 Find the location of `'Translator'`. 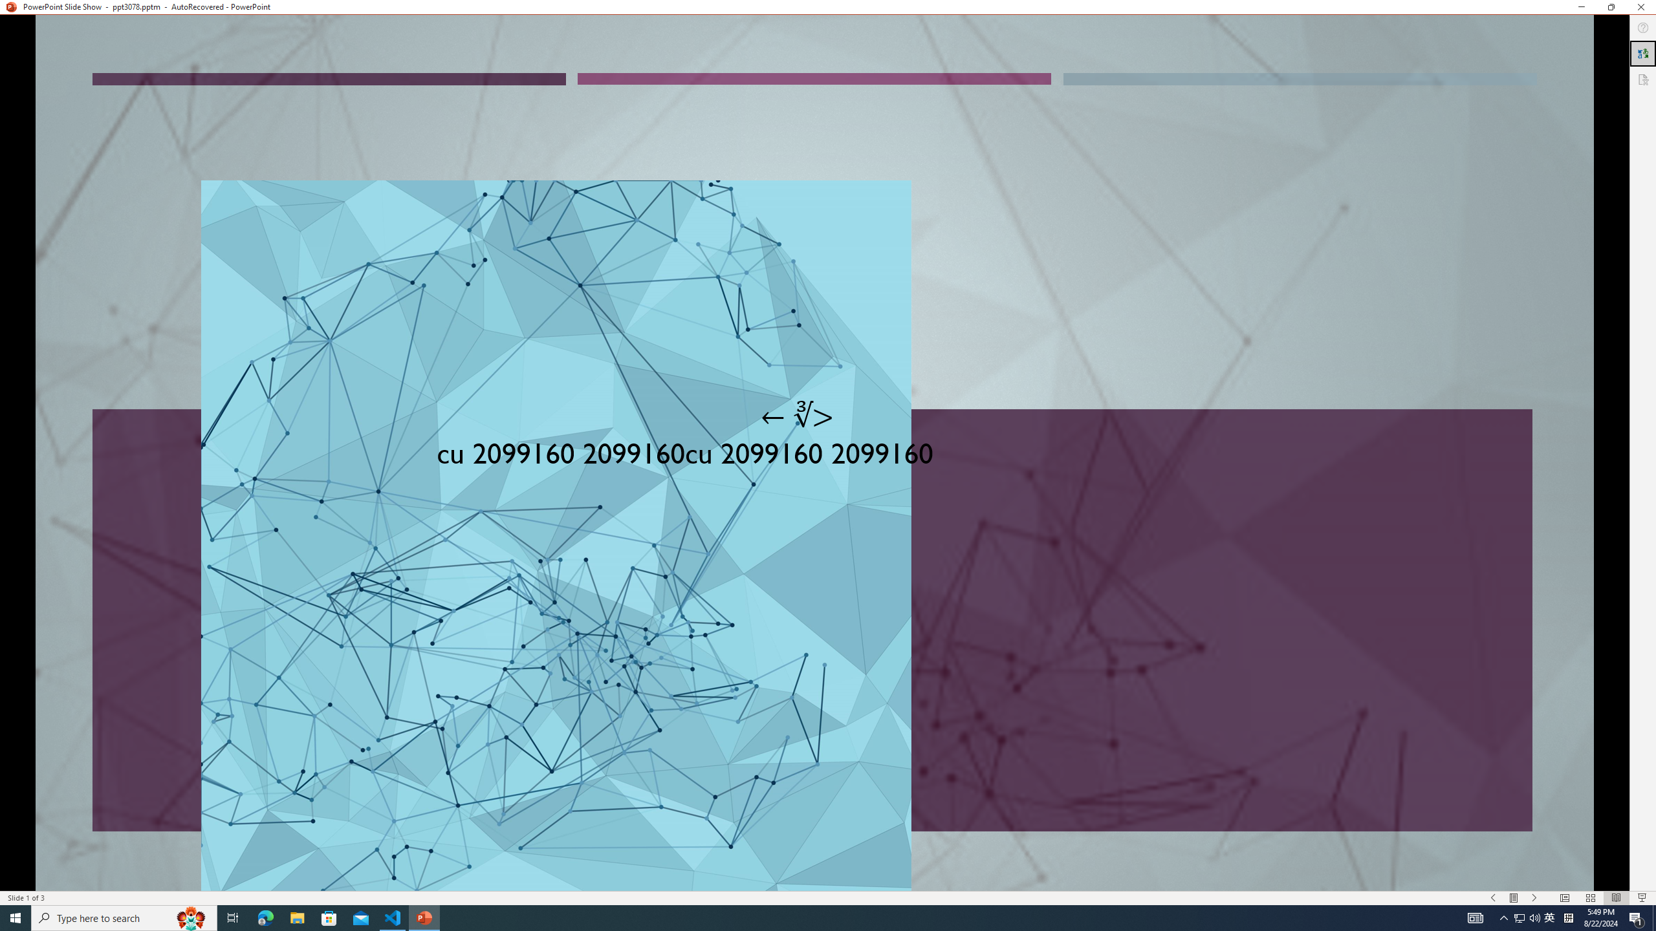

'Translator' is located at coordinates (1642, 54).